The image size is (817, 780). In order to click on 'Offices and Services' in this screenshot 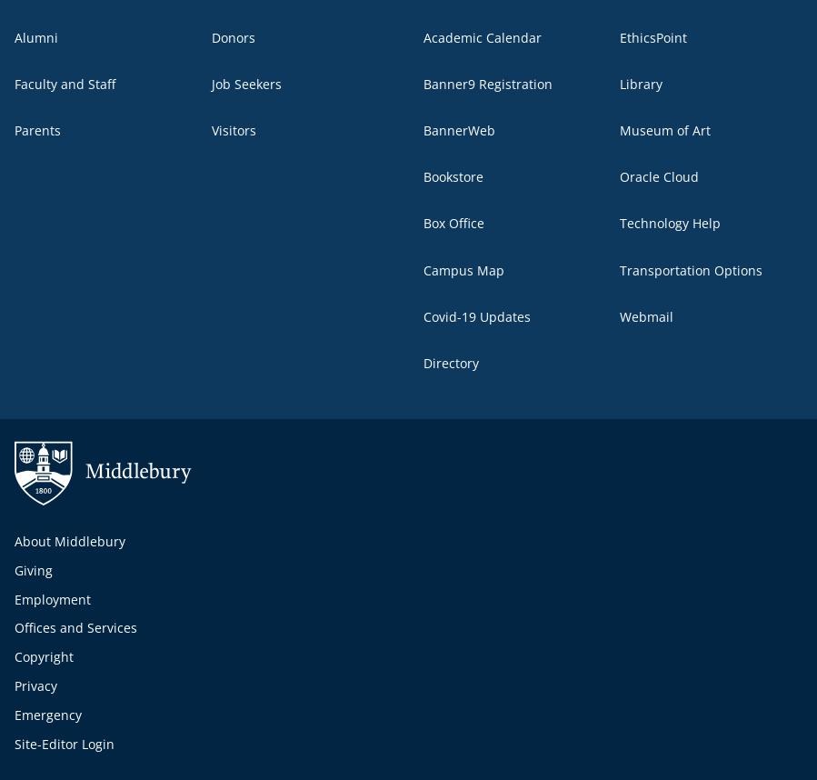, I will do `click(75, 627)`.